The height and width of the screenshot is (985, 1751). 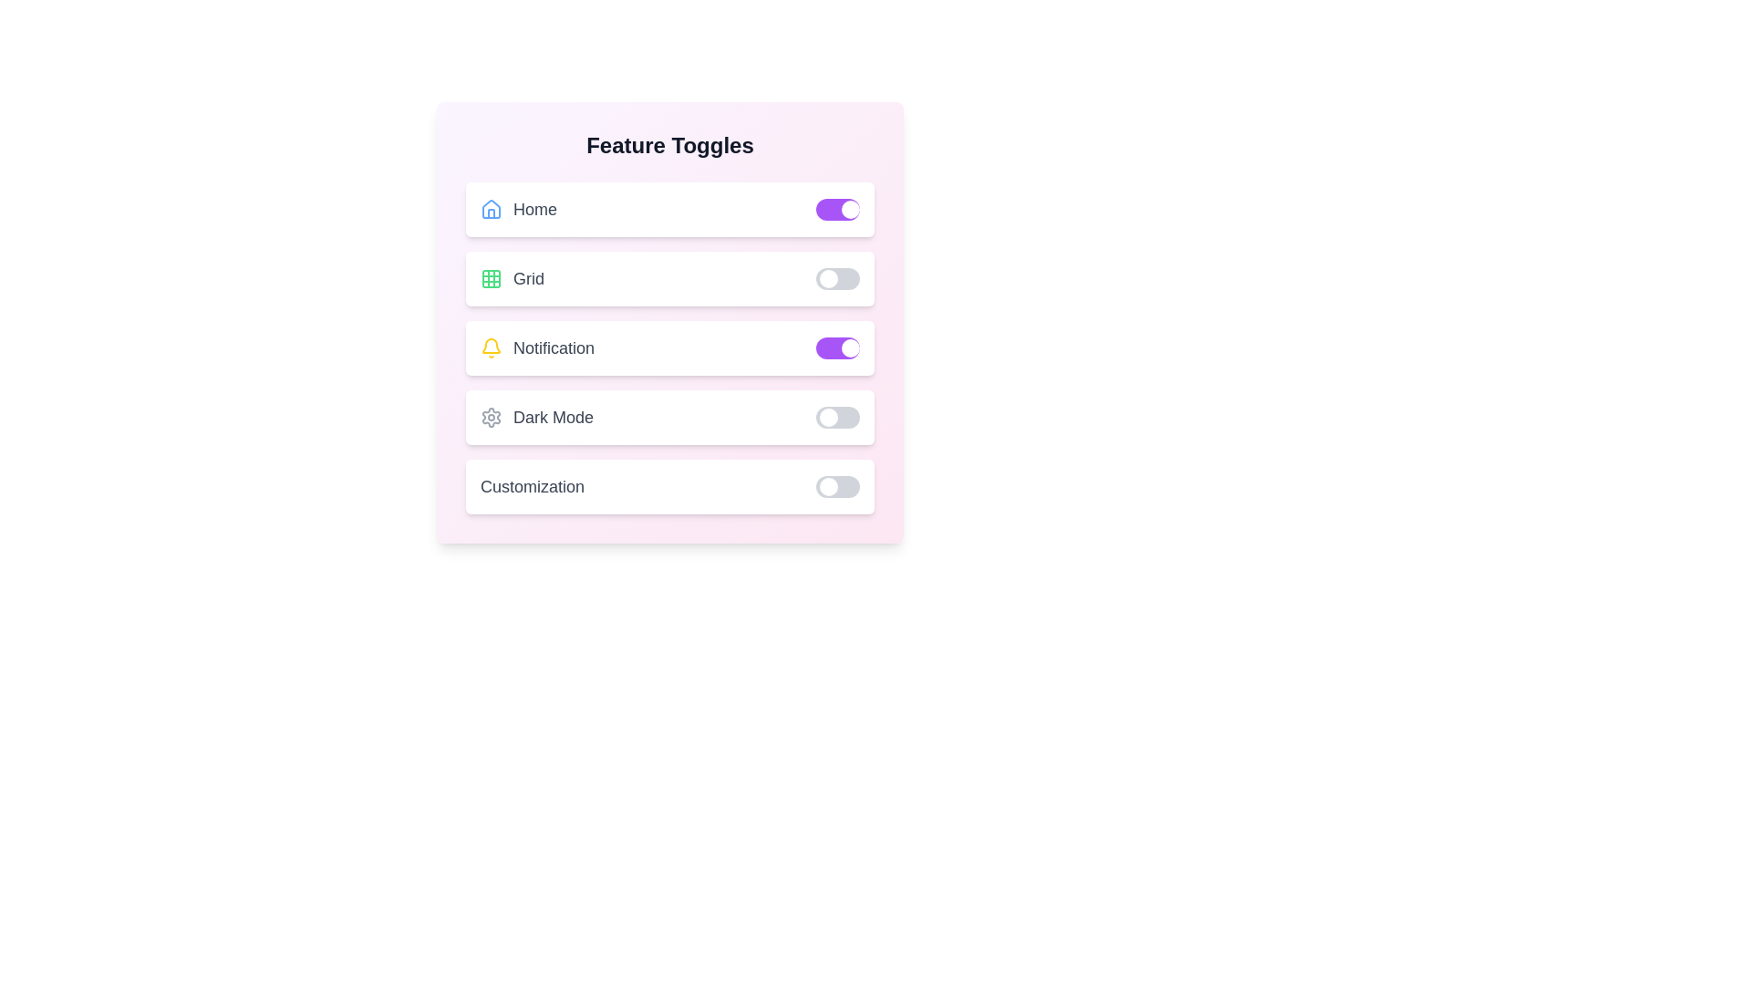 What do you see at coordinates (827, 485) in the screenshot?
I see `the circular knob of the toggle switch` at bounding box center [827, 485].